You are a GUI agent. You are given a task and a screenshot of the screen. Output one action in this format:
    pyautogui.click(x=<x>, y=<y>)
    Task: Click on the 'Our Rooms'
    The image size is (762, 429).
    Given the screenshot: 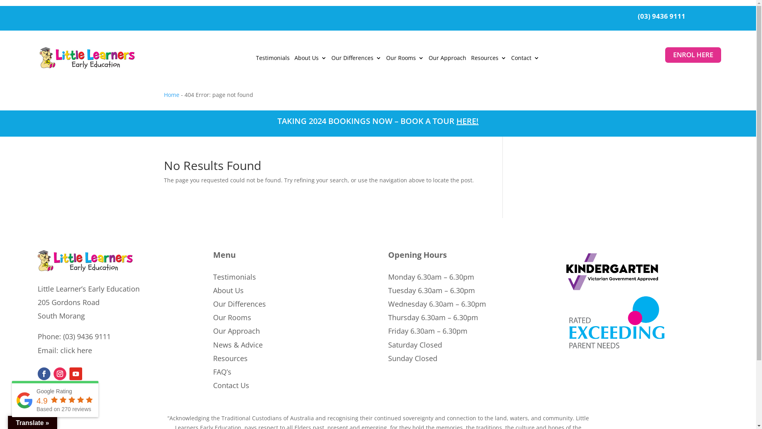 What is the action you would take?
    pyautogui.click(x=213, y=317)
    